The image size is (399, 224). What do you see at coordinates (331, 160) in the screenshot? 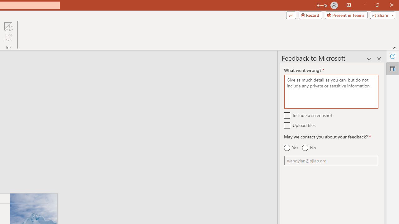
I see `'Email'` at bounding box center [331, 160].